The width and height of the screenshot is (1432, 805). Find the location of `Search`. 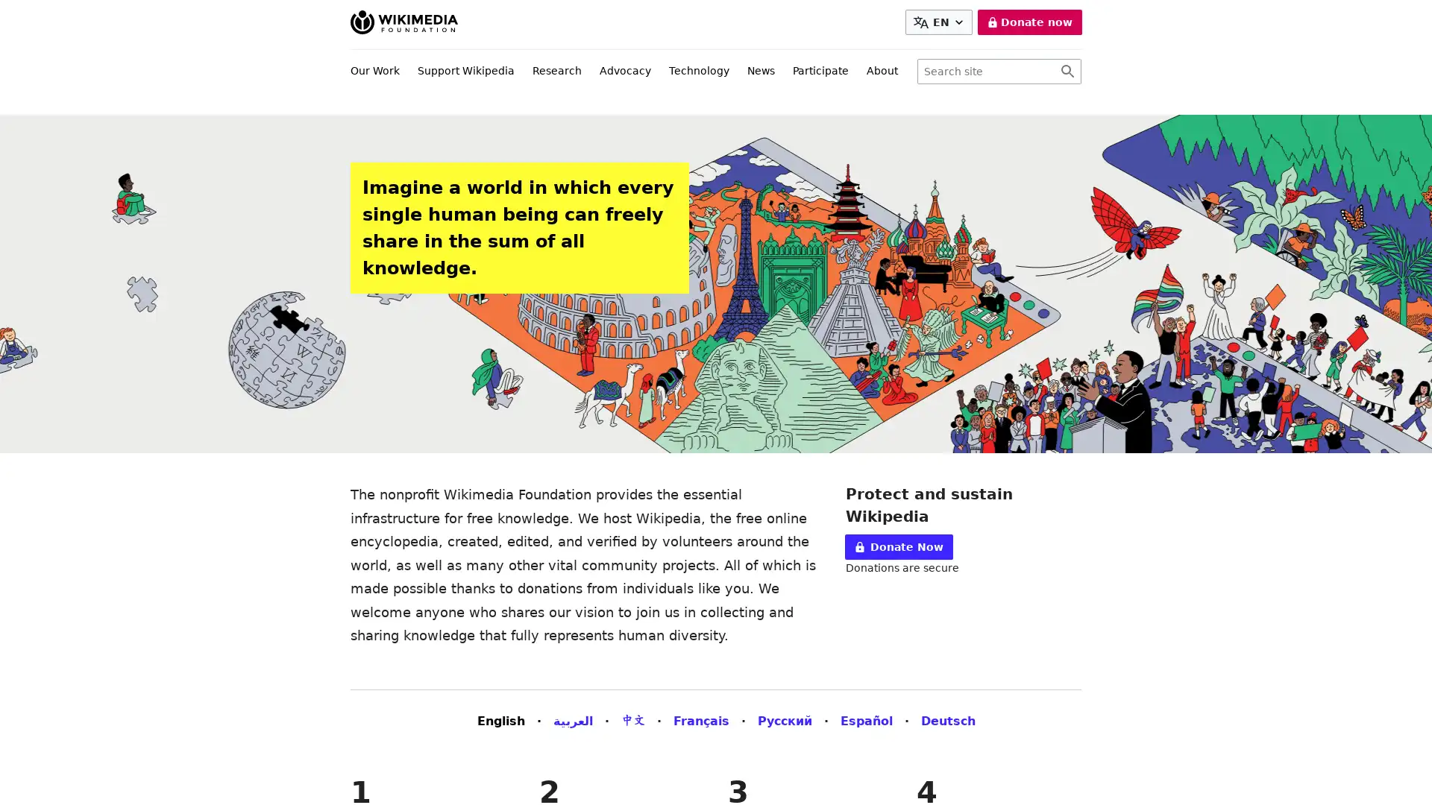

Search is located at coordinates (1067, 72).